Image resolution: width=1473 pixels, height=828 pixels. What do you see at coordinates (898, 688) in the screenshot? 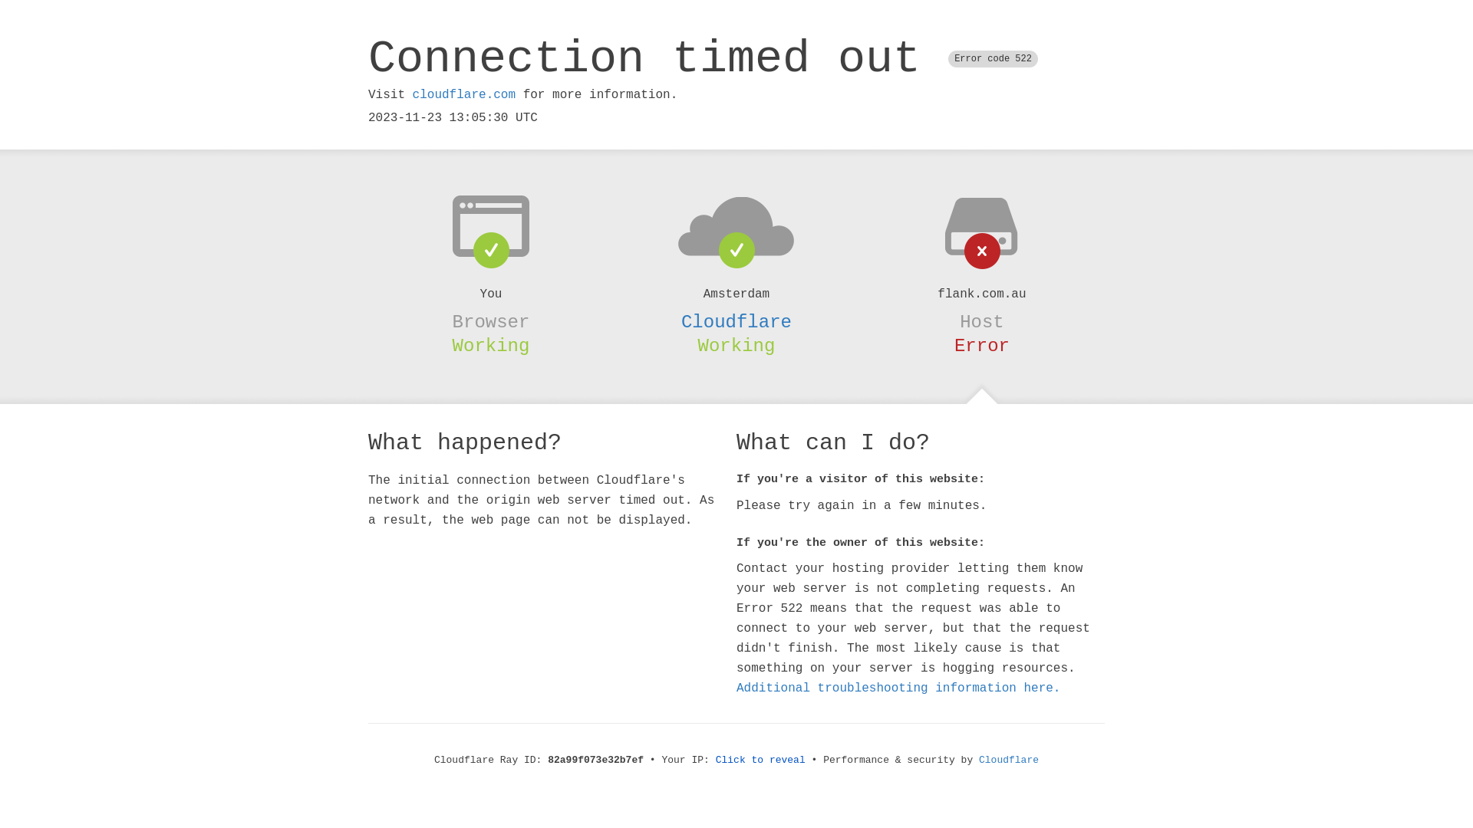
I see `'Additional troubleshooting information here.'` at bounding box center [898, 688].